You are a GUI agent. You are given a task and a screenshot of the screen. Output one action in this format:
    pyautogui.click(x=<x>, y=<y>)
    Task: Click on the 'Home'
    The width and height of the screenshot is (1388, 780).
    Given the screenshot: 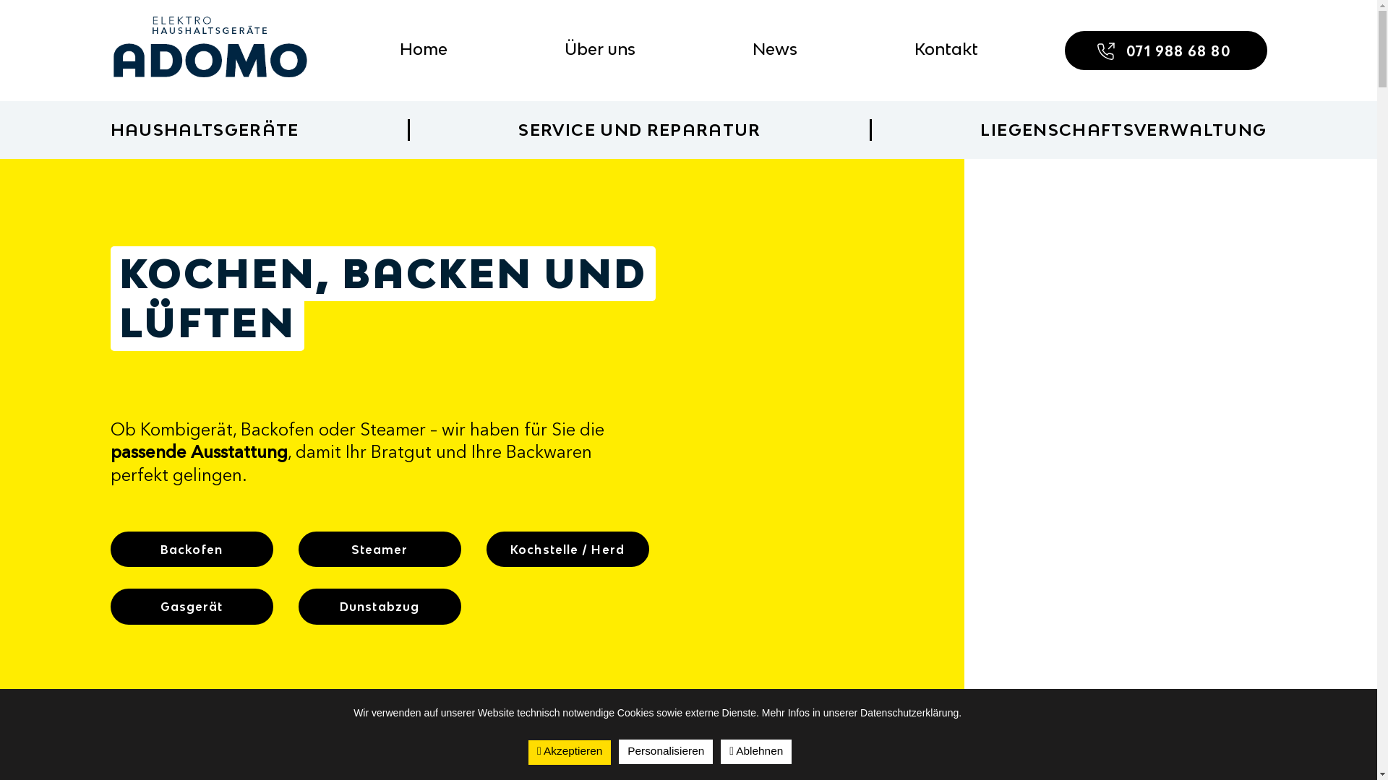 What is the action you would take?
    pyautogui.click(x=422, y=48)
    